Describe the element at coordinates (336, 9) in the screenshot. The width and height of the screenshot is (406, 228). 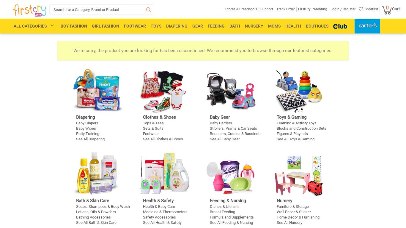
I see `'Login /'` at that location.